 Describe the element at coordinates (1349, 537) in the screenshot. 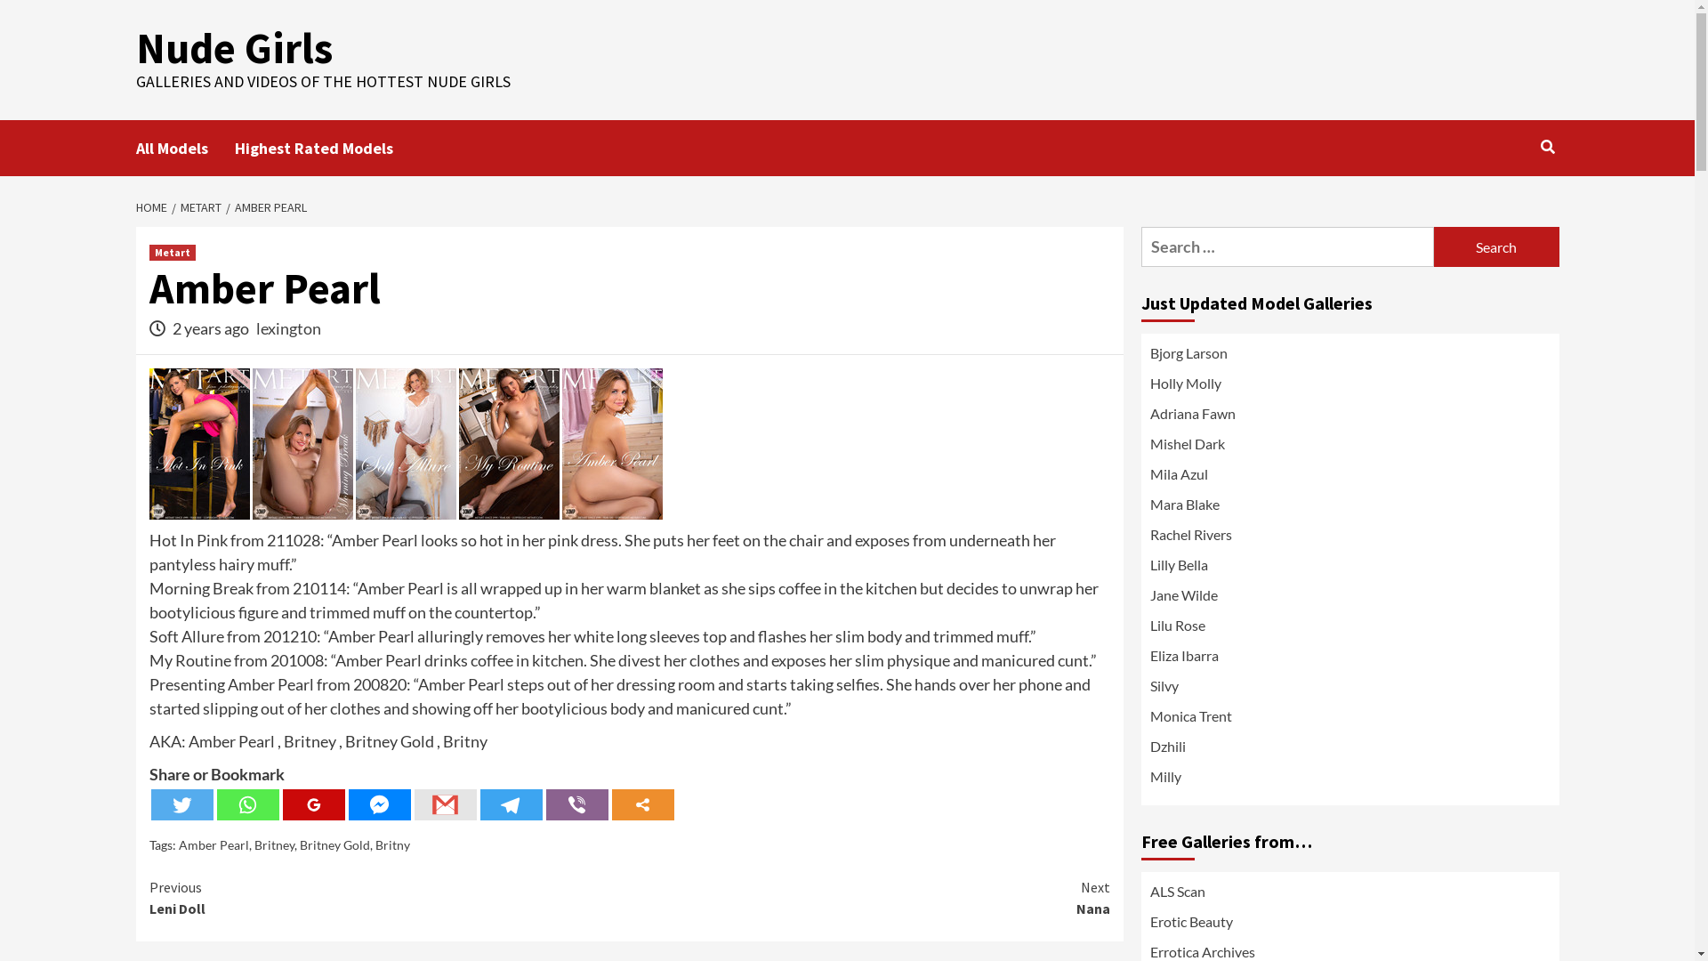

I see `'Rachel Rivers'` at that location.